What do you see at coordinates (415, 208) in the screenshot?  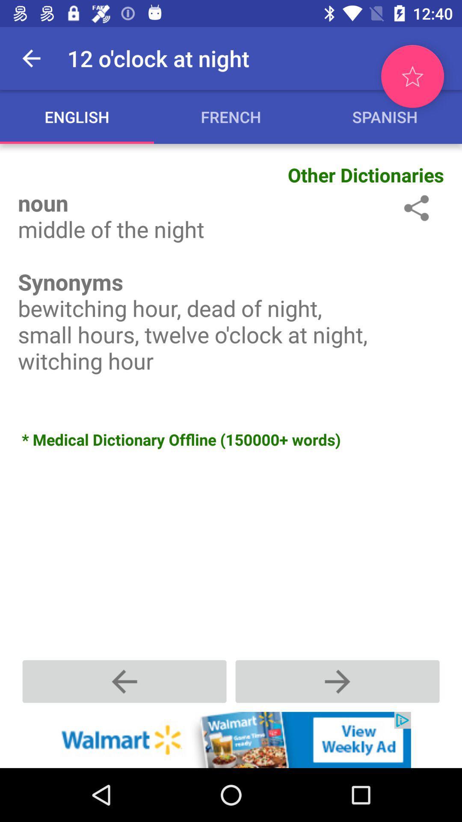 I see `open settings/options` at bounding box center [415, 208].